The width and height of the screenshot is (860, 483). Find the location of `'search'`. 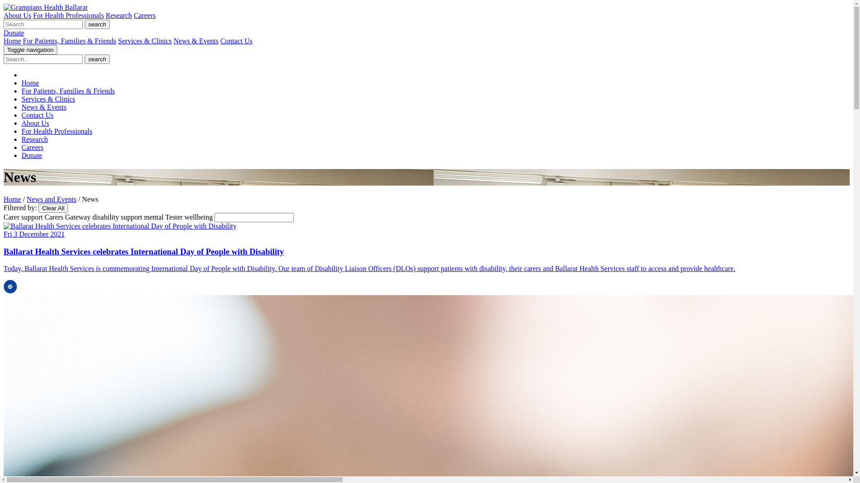

'search' is located at coordinates (84, 24).